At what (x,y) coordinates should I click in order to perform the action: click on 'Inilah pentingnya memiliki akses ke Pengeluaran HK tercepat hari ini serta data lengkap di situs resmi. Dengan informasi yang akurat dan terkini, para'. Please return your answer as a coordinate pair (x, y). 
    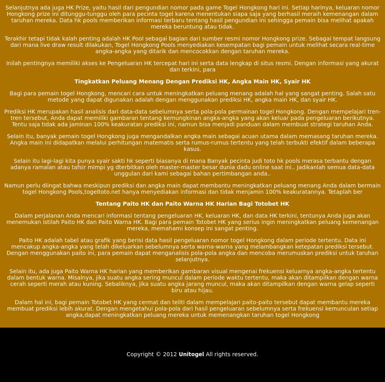
    Looking at the image, I should click on (192, 66).